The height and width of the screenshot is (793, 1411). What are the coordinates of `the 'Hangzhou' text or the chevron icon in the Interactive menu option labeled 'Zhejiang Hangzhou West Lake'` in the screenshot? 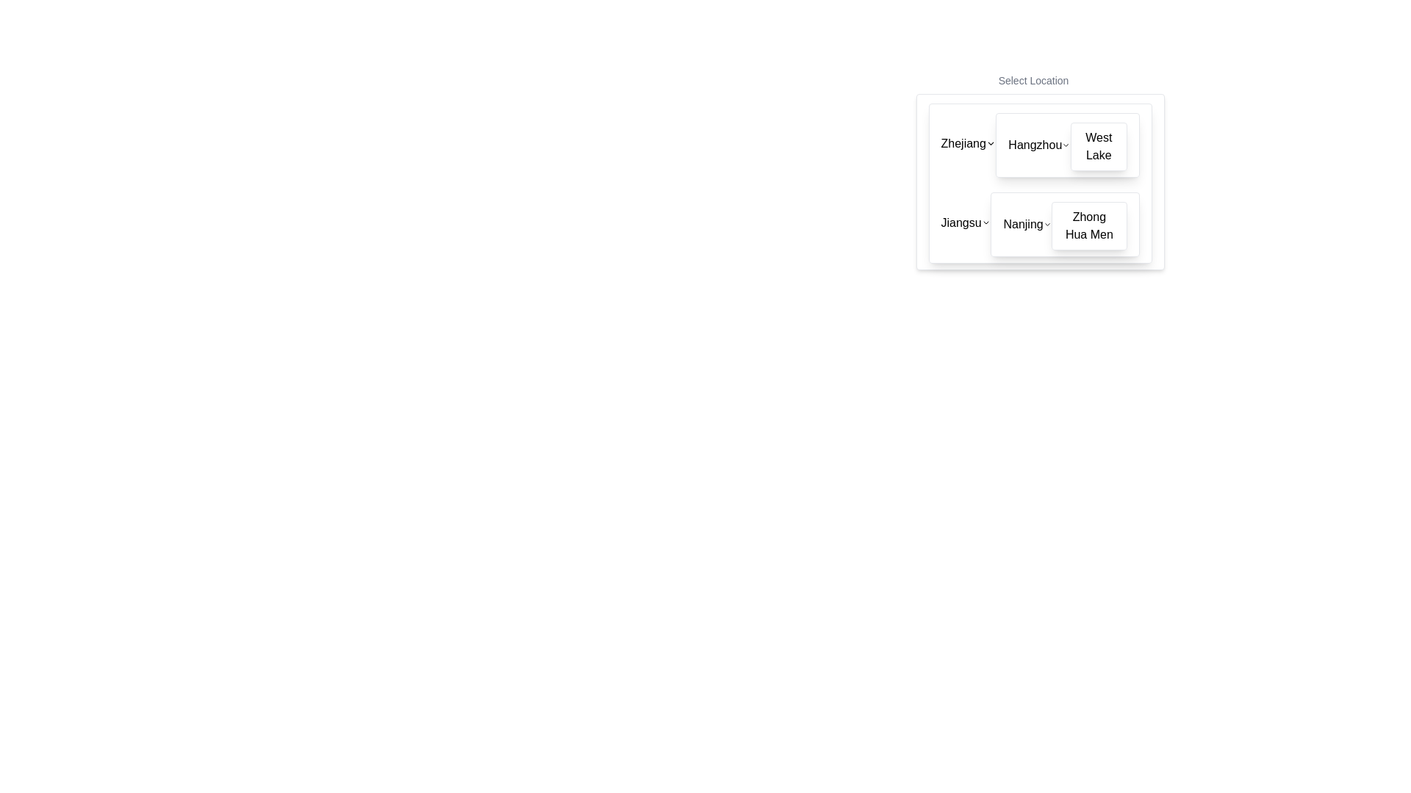 It's located at (1039, 144).